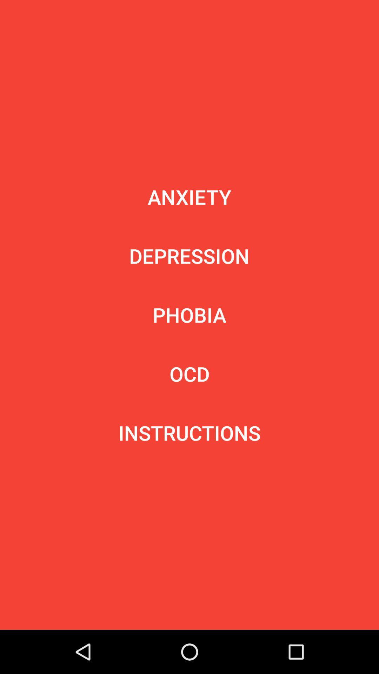 The width and height of the screenshot is (379, 674). Describe the element at coordinates (189, 315) in the screenshot. I see `item above ocd item` at that location.